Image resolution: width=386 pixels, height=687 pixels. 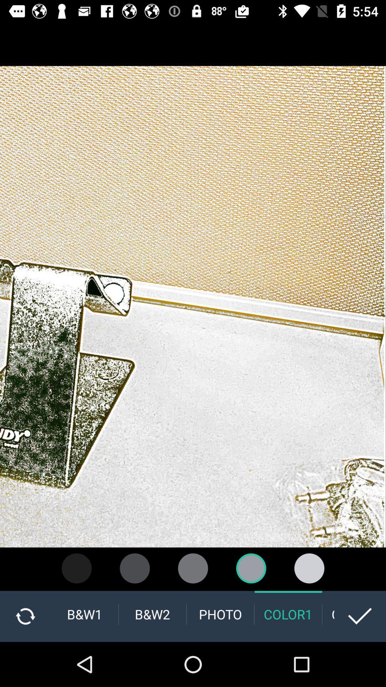 I want to click on the avatar icon, so click(x=309, y=568).